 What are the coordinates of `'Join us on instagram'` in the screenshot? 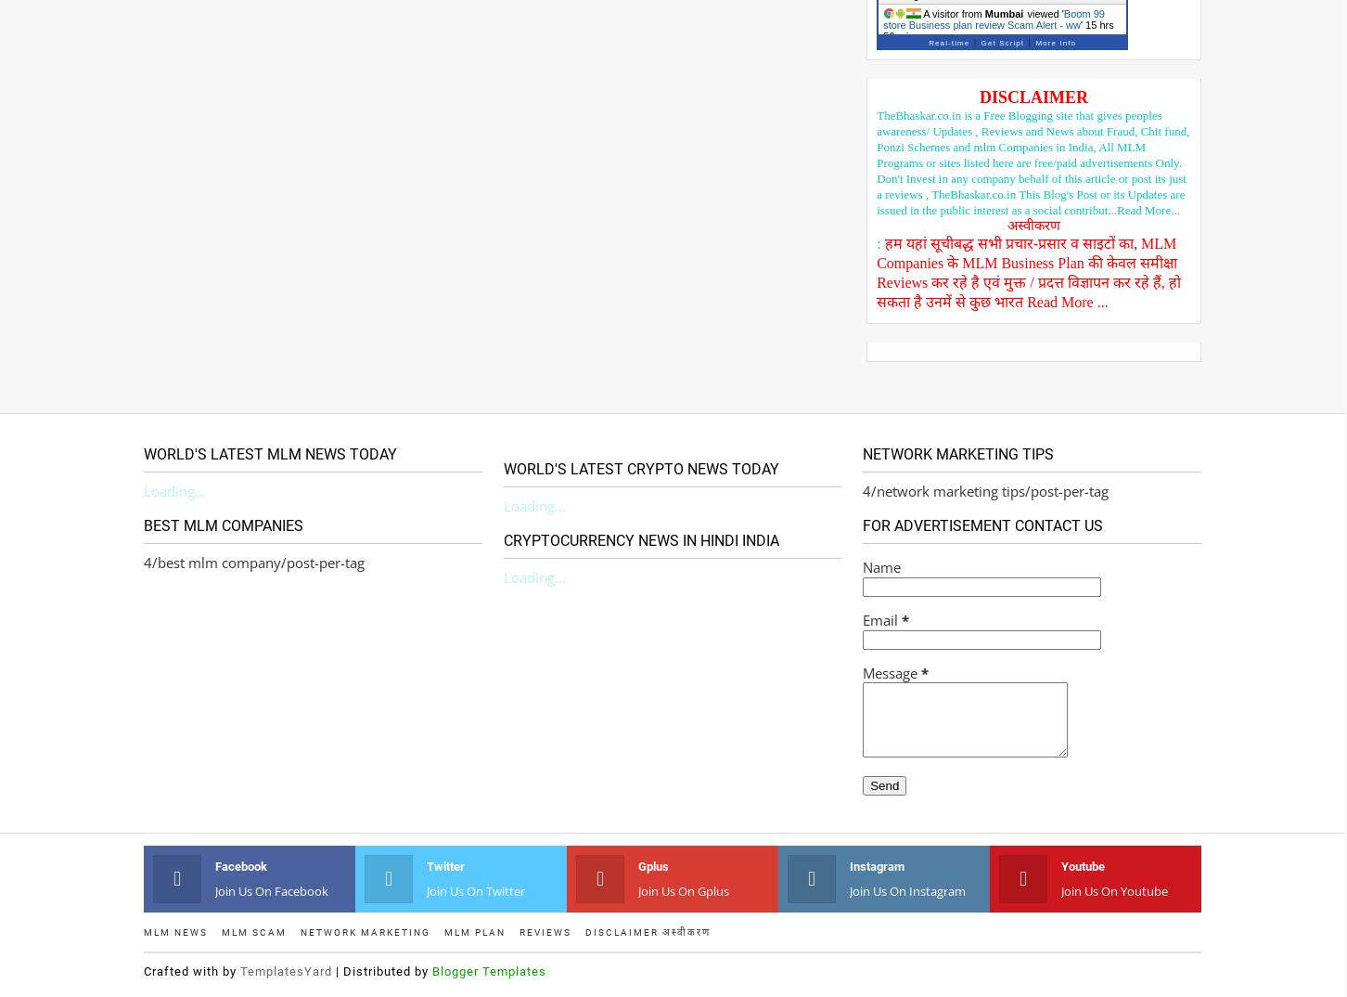 It's located at (906, 889).